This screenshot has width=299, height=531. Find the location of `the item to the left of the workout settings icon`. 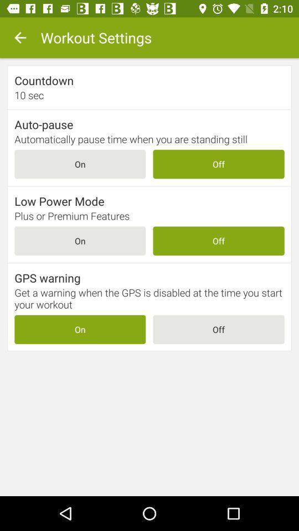

the item to the left of the workout settings icon is located at coordinates (20, 38).